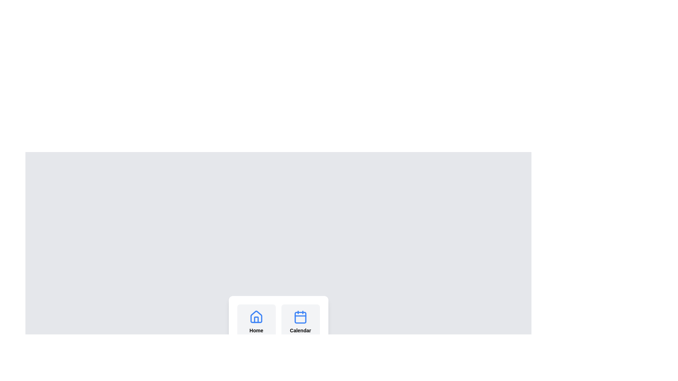 The width and height of the screenshot is (678, 381). I want to click on the navigational card button located as the second card in a horizontal row of four, positioned between the 'Home' card and the 'Notification' card, so click(300, 322).